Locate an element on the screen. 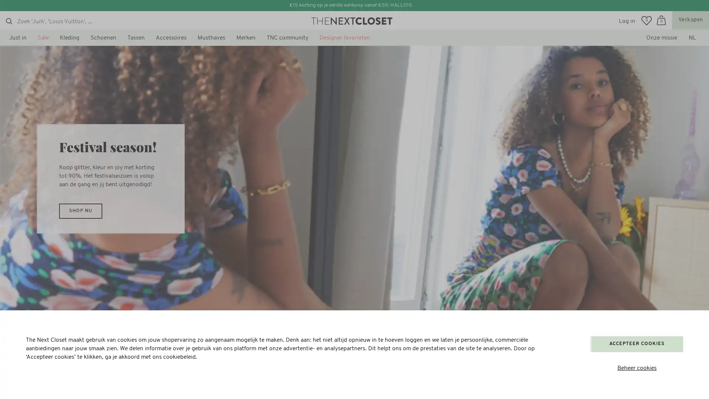 Image resolution: width=709 pixels, height=399 pixels. ACCEPTEER COOKIES is located at coordinates (636, 344).